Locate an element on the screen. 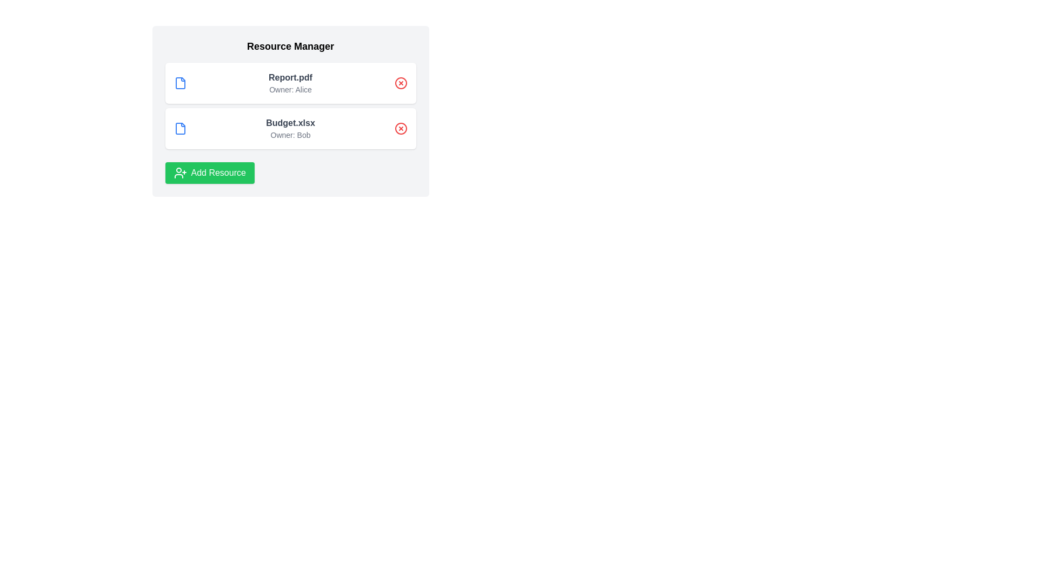  the 'Add Resource' button to add a new resource is located at coordinates (210, 172).